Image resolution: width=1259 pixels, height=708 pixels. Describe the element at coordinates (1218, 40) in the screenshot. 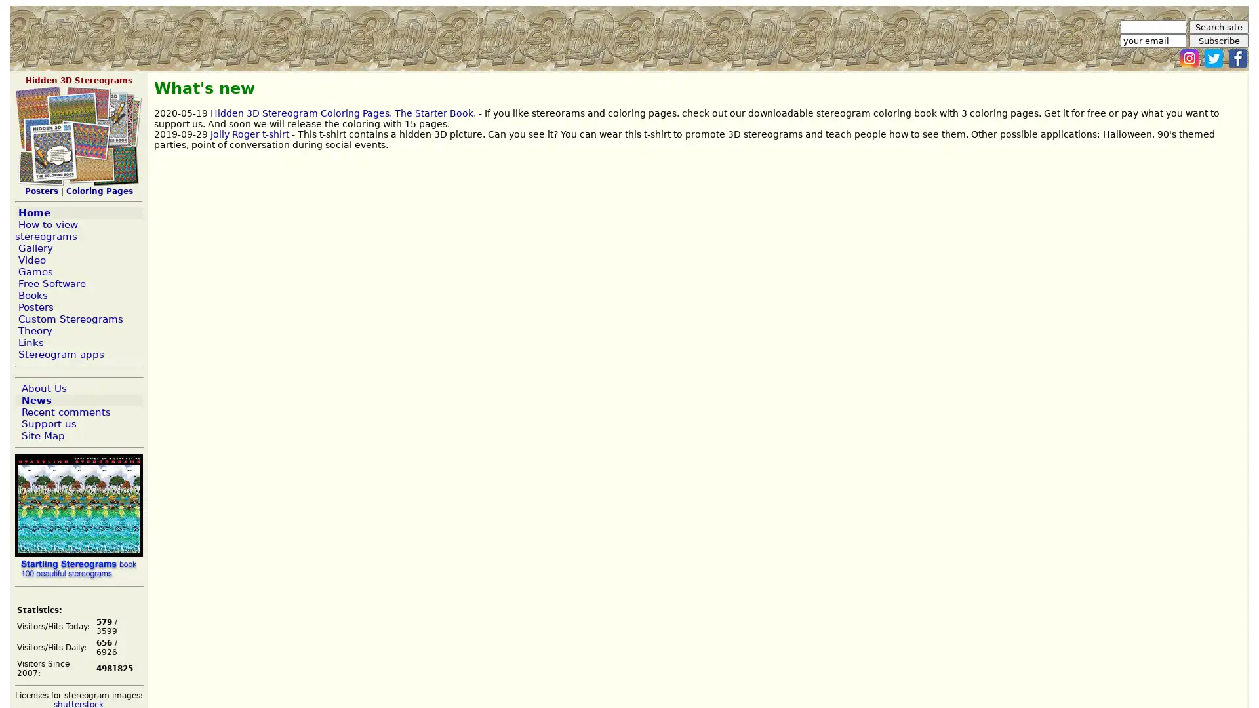

I see `Subscribe` at that location.